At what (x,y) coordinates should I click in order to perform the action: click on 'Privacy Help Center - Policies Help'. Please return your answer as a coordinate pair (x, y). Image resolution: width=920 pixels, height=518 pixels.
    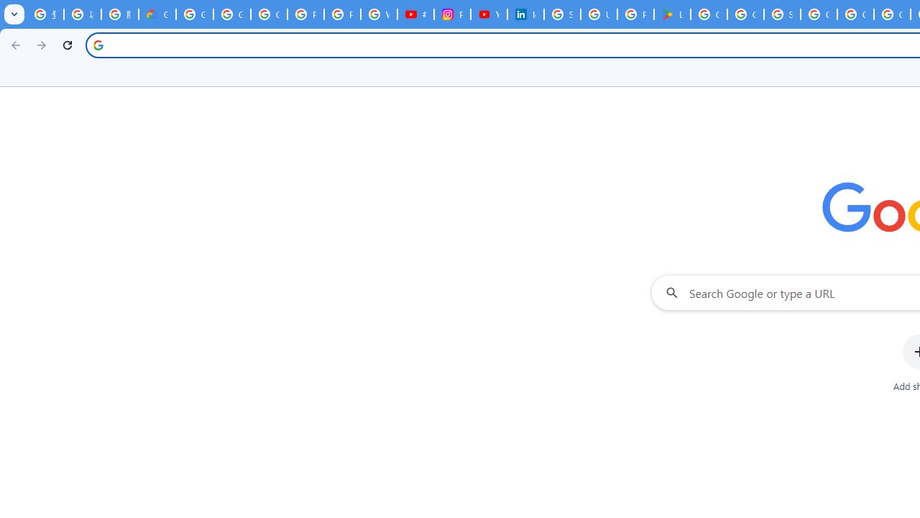
    Looking at the image, I should click on (341, 14).